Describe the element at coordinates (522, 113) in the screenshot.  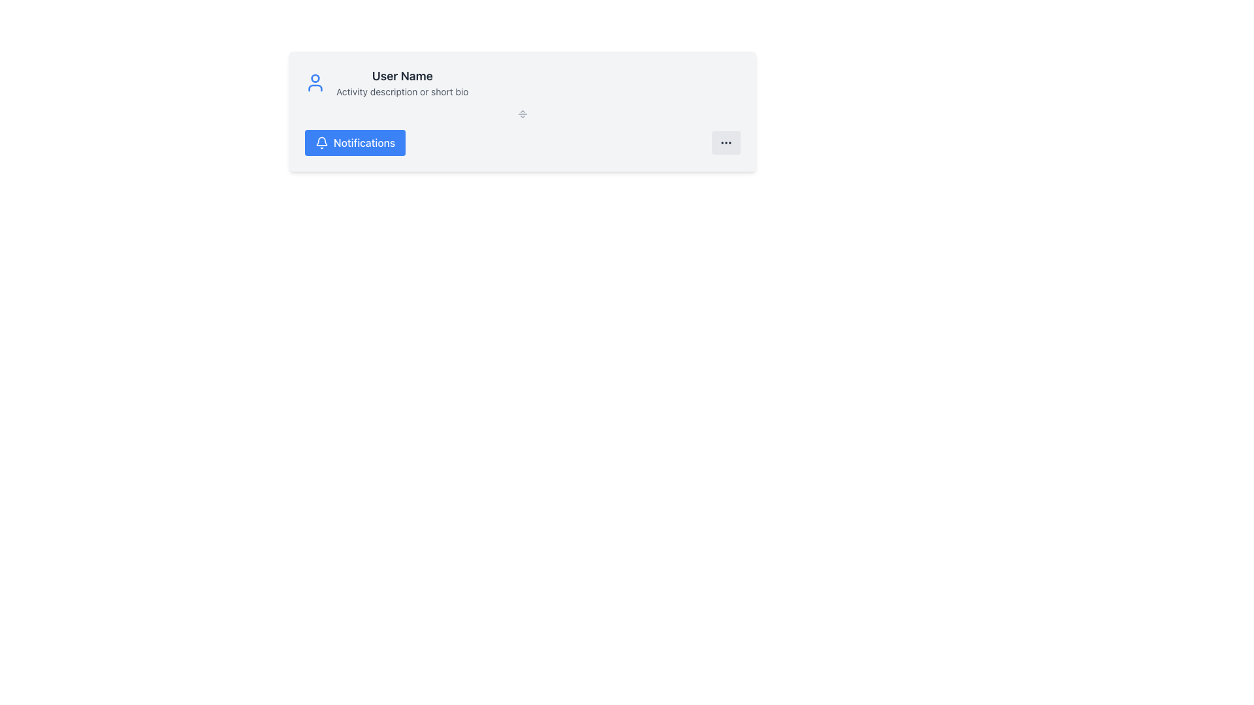
I see `the Separator element that visually divides user details from actions, located centrally below the username and activity description, and above the notification button` at that location.